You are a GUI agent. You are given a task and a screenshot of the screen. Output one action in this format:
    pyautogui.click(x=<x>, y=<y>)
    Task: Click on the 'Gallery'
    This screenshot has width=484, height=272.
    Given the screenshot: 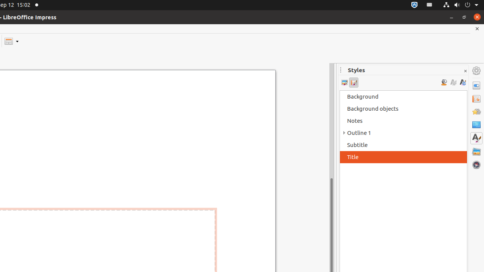 What is the action you would take?
    pyautogui.click(x=476, y=151)
    